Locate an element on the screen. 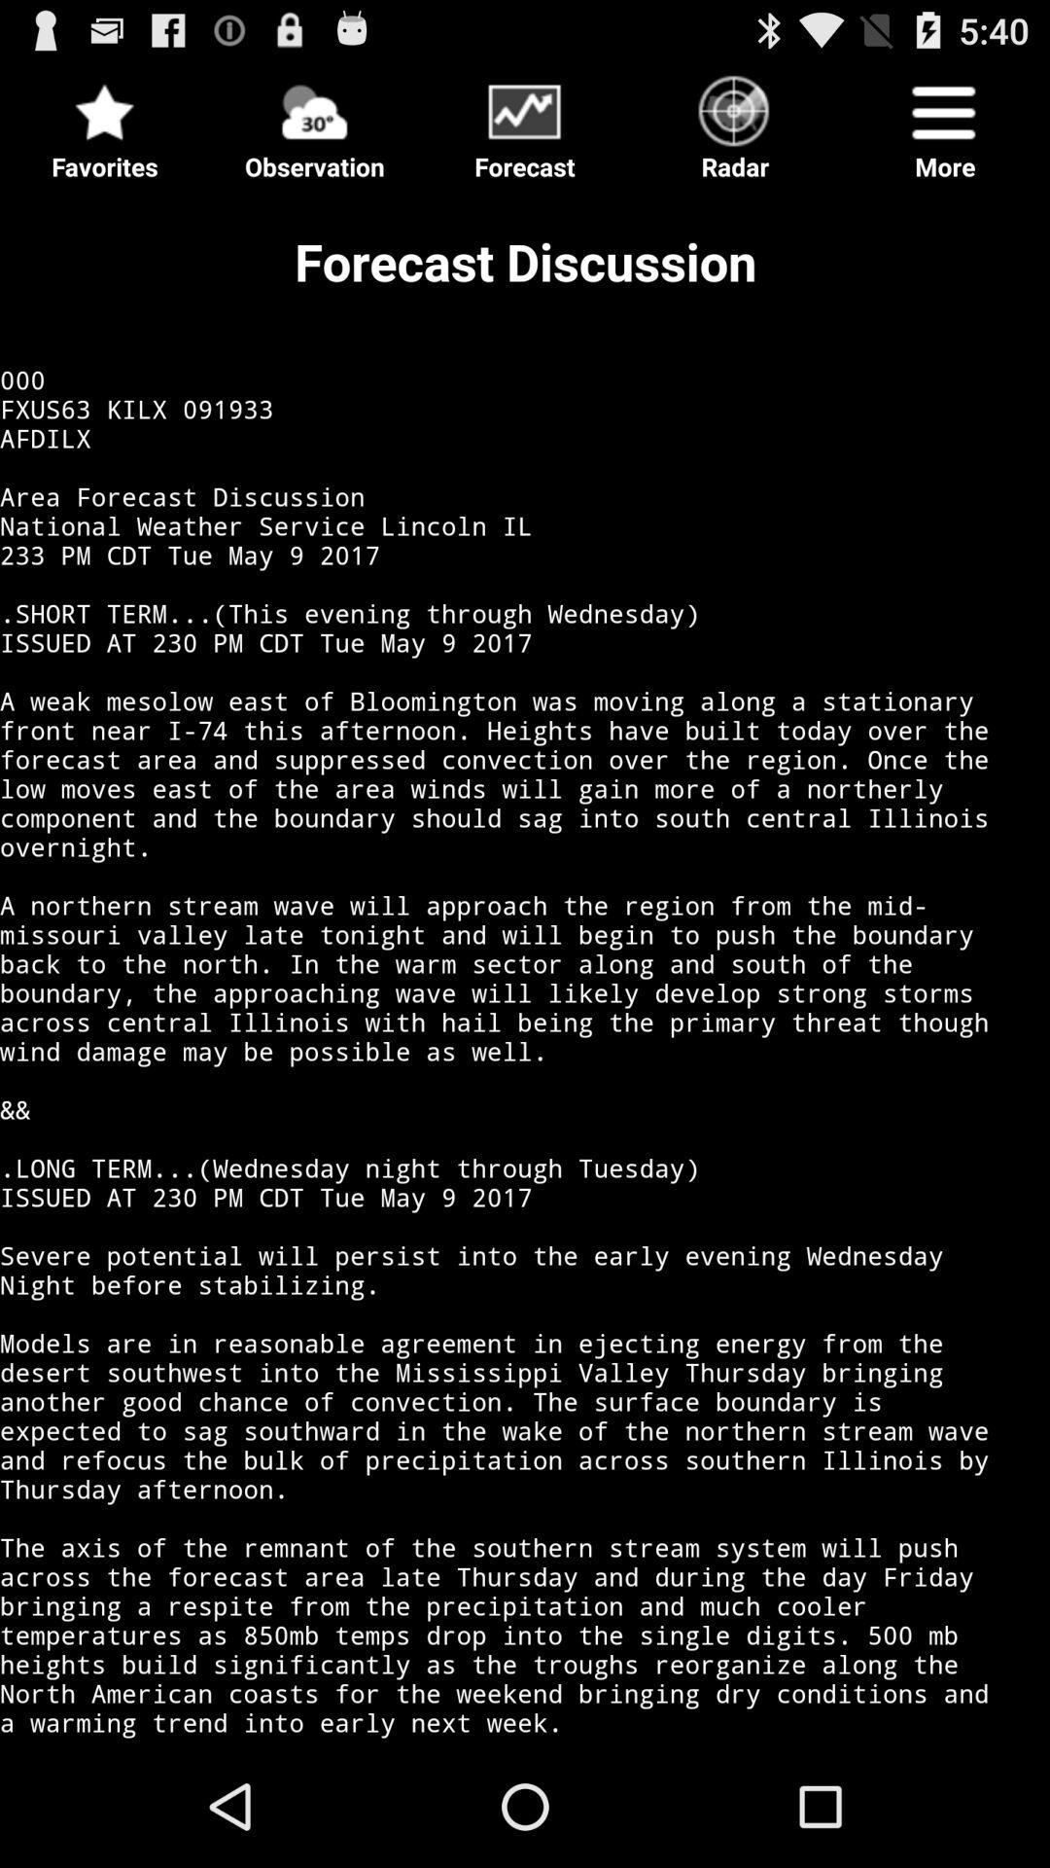 The height and width of the screenshot is (1868, 1050). more button is located at coordinates (944, 121).